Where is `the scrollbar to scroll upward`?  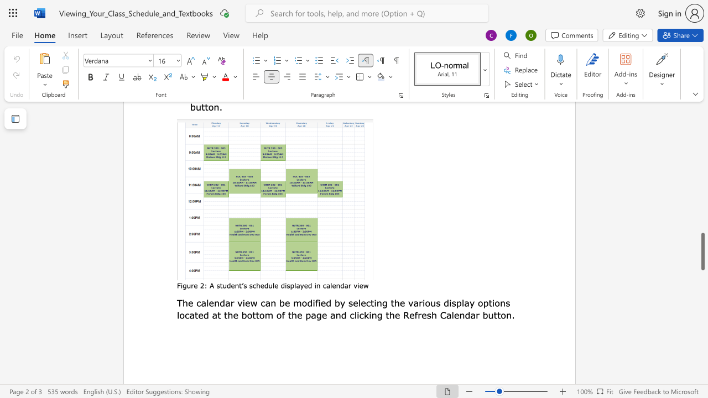 the scrollbar to scroll upward is located at coordinates (702, 132).